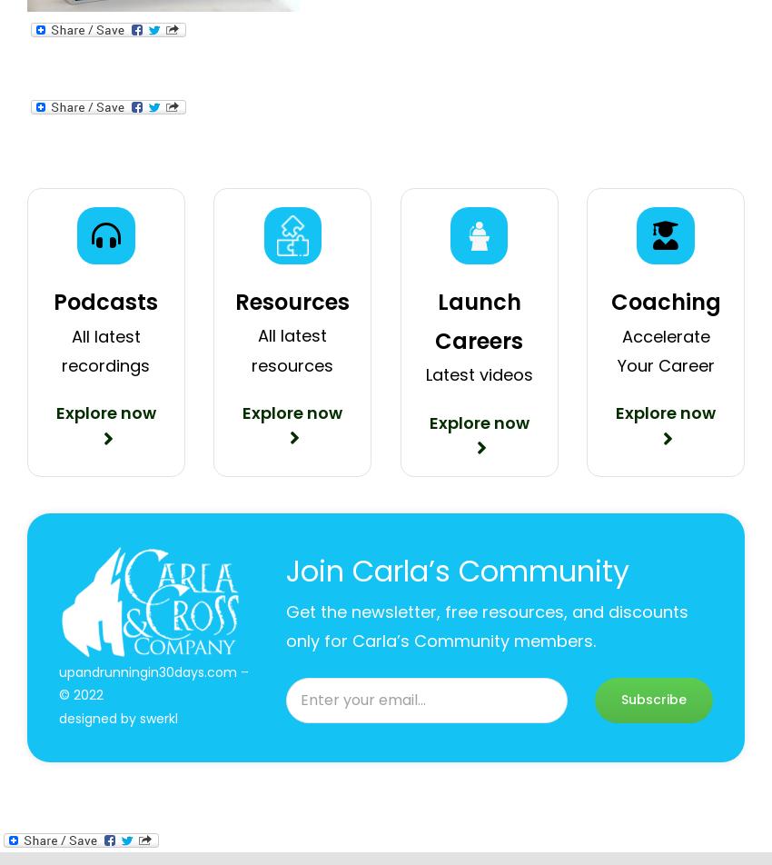  I want to click on 'upandrunningin30days.com – © 2022', so click(153, 683).